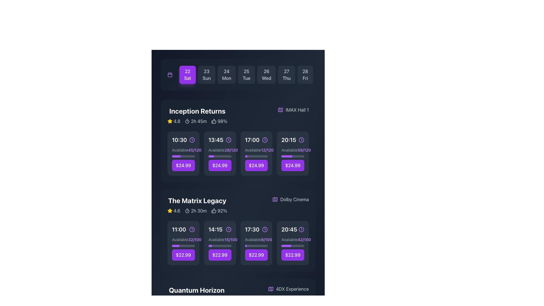  Describe the element at coordinates (290, 199) in the screenshot. I see `the informative label indicating 'Dolby Cinema' to associate it with related movie details for 'The Matrix Legacy'` at that location.